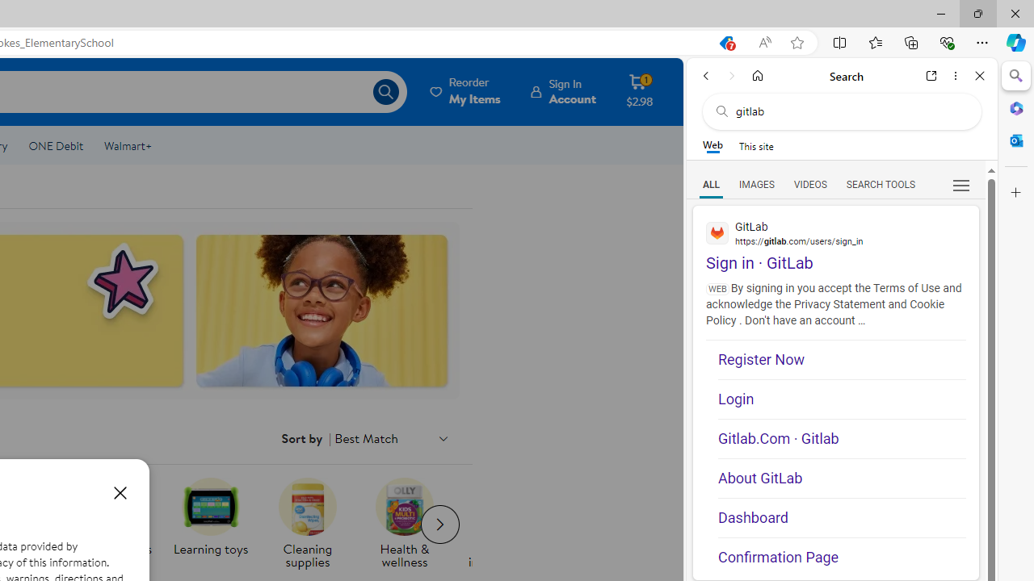  I want to click on 'About GitLab', so click(841, 477).